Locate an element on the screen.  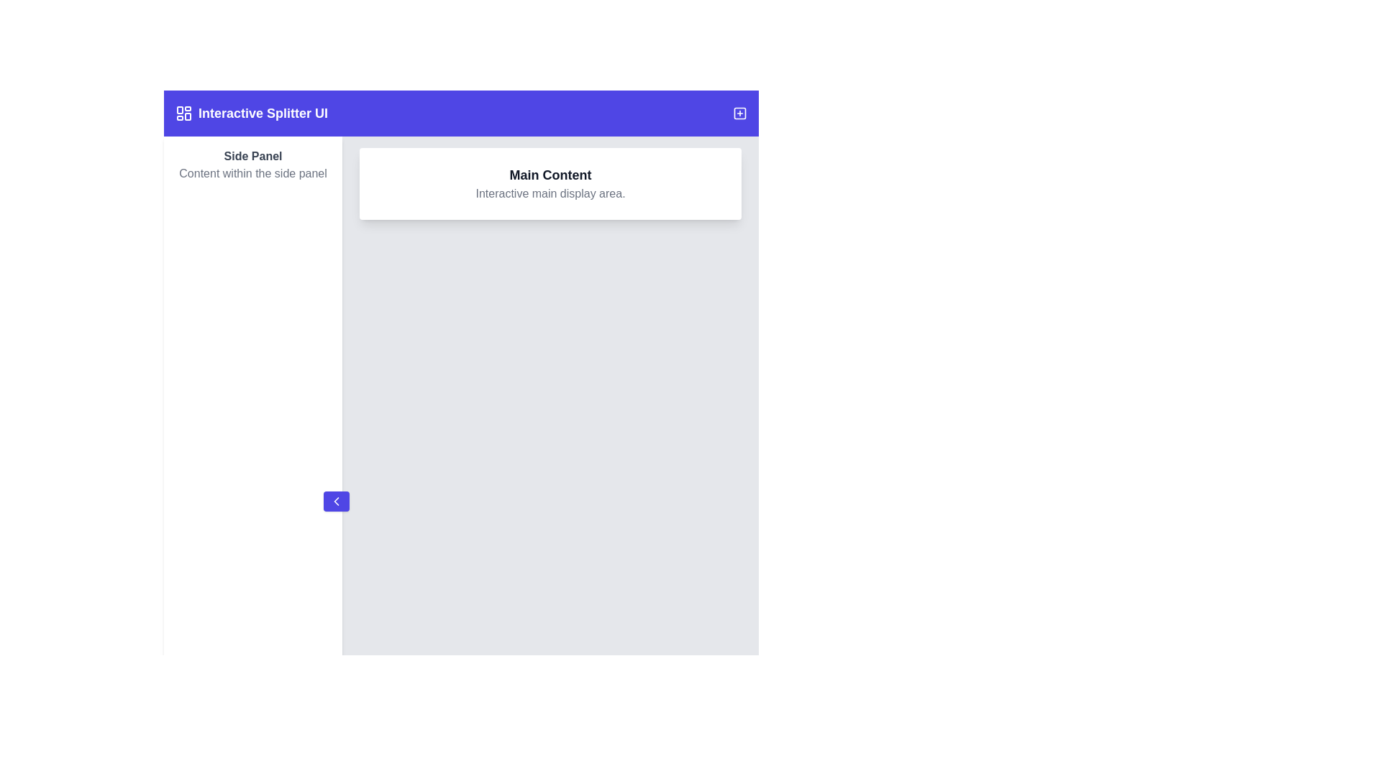
the icon located at the top-left corner of the interface, preceding the text 'Interactive Splitter UI' is located at coordinates (183, 113).